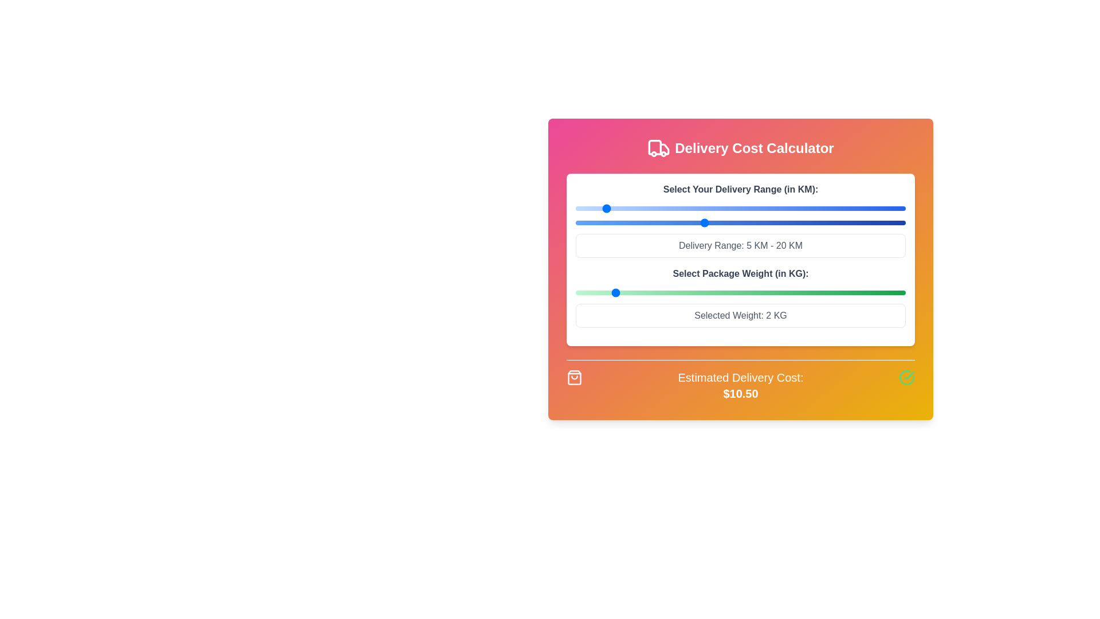 This screenshot has width=1100, height=619. I want to click on the delivery range, so click(797, 208).